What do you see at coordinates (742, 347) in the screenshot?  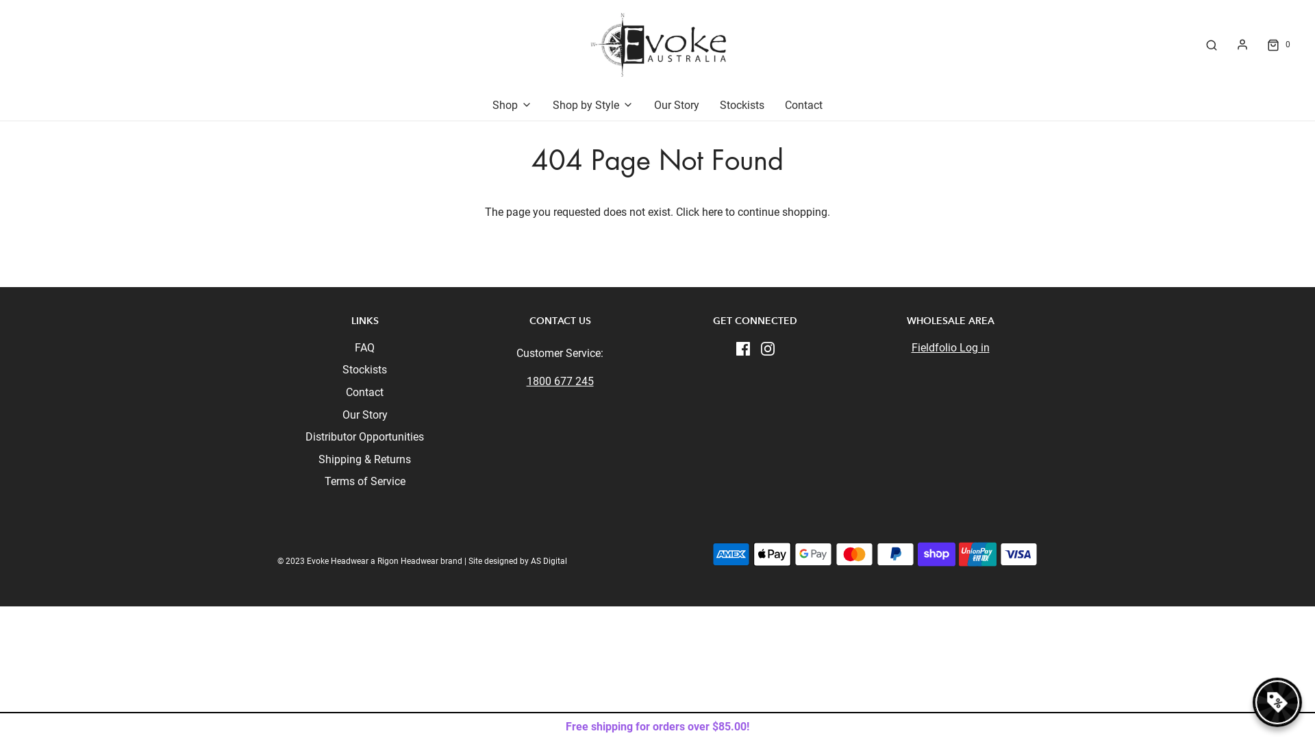 I see `'Facebook icon'` at bounding box center [742, 347].